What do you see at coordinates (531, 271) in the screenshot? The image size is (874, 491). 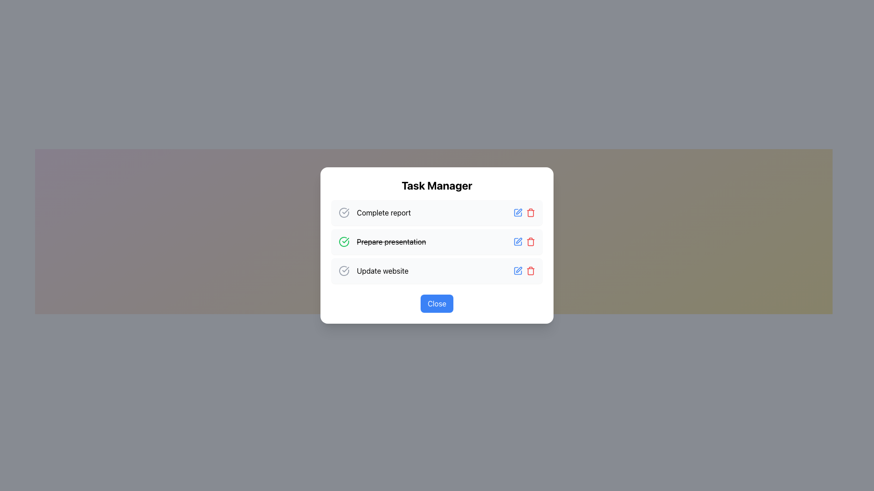 I see `the trash icon located in the bottom-right corner of the 'Prepare presentation' task row` at bounding box center [531, 271].